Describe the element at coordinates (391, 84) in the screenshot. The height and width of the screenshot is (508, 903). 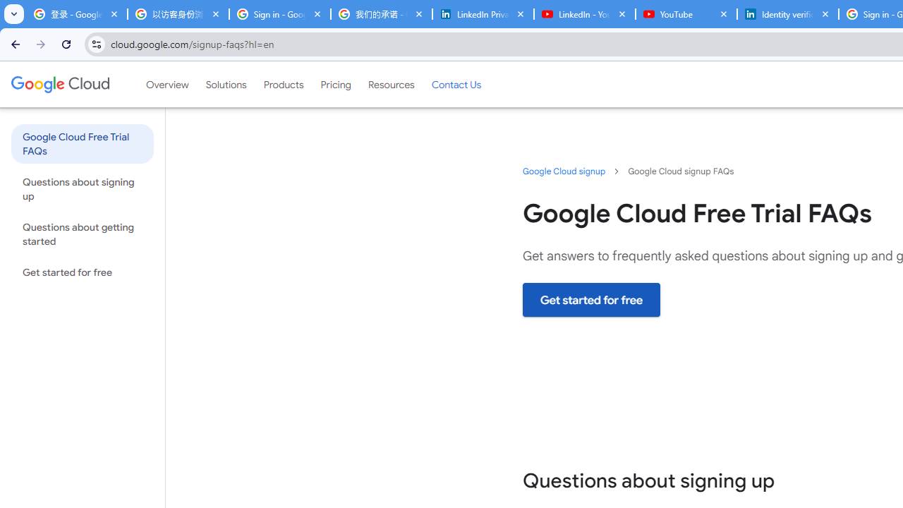
I see `'Resources'` at that location.